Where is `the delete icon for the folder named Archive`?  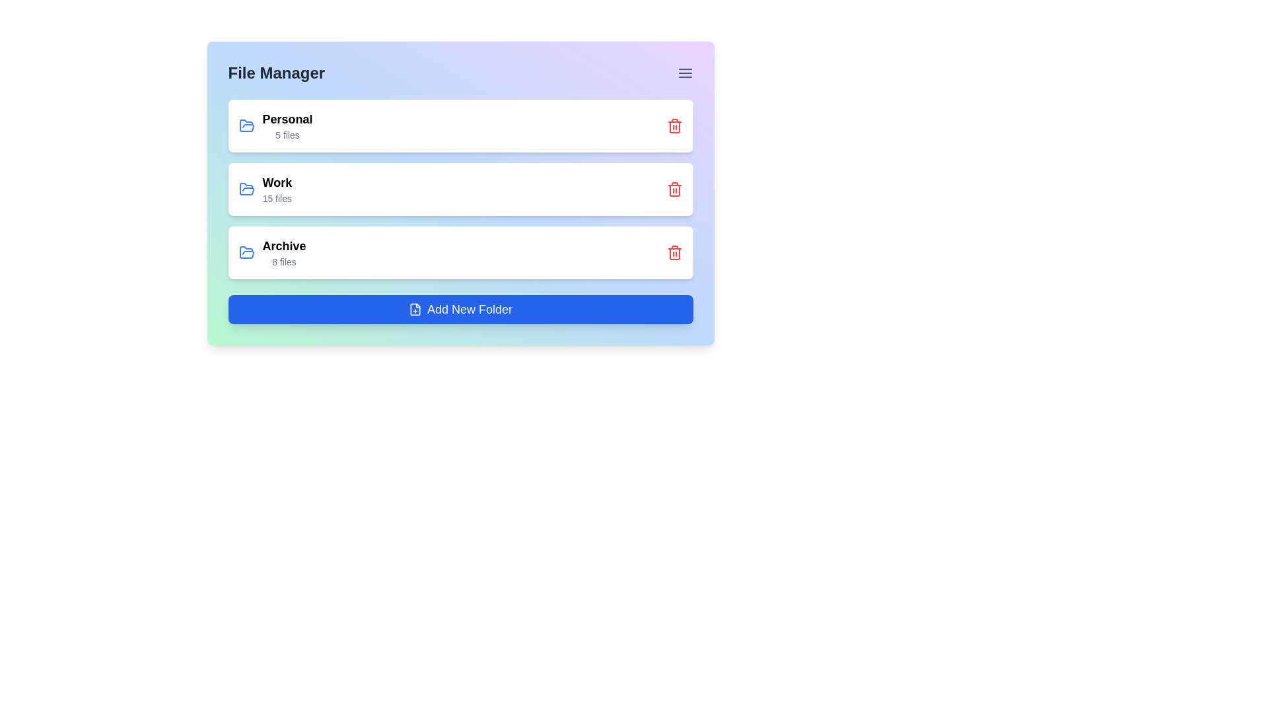 the delete icon for the folder named Archive is located at coordinates (674, 252).